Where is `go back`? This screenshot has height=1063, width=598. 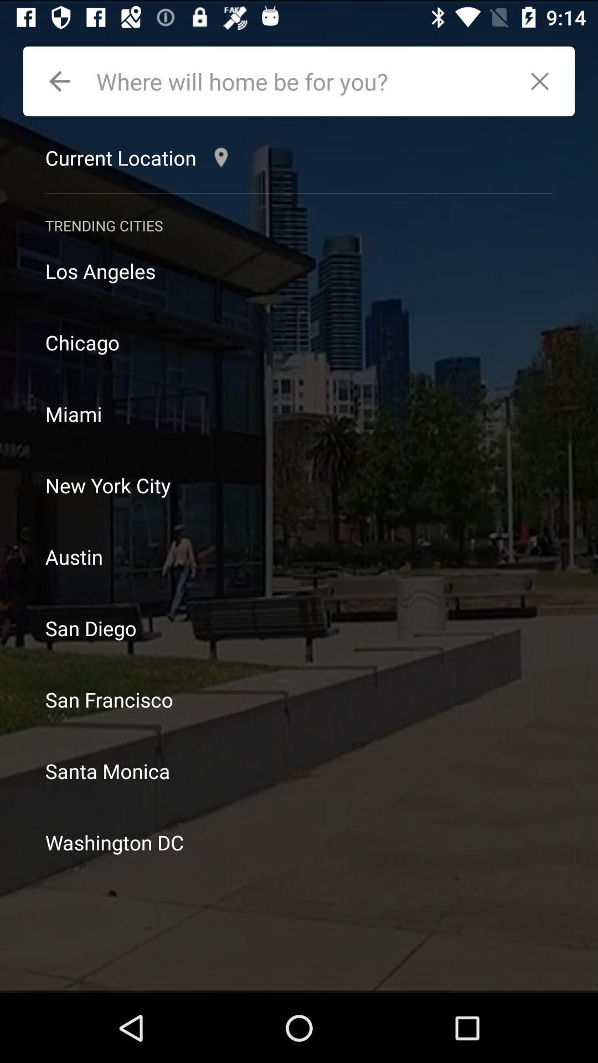 go back is located at coordinates (60, 81).